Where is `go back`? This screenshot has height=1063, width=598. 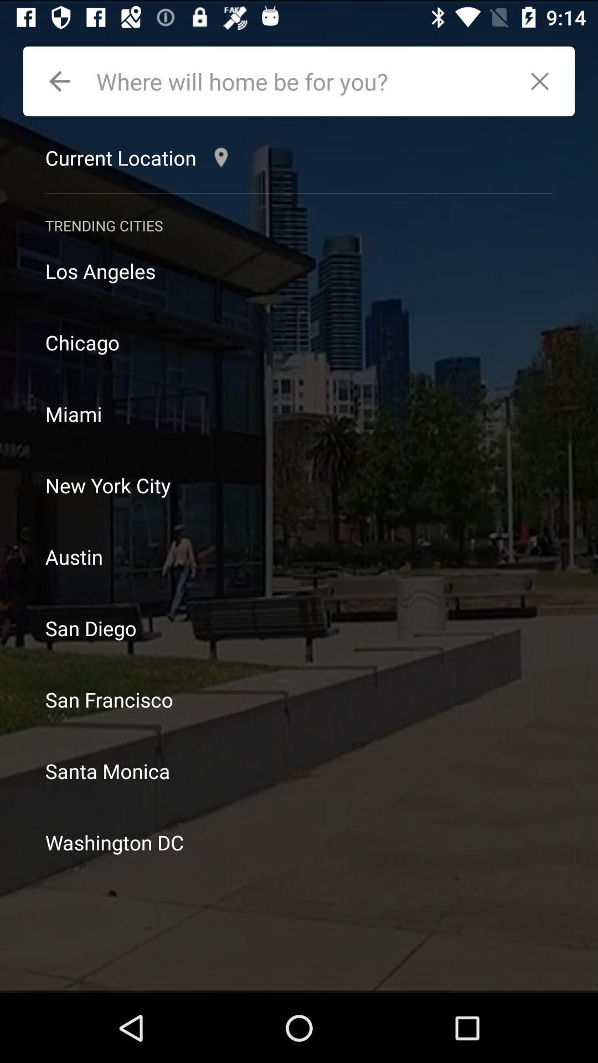 go back is located at coordinates (60, 81).